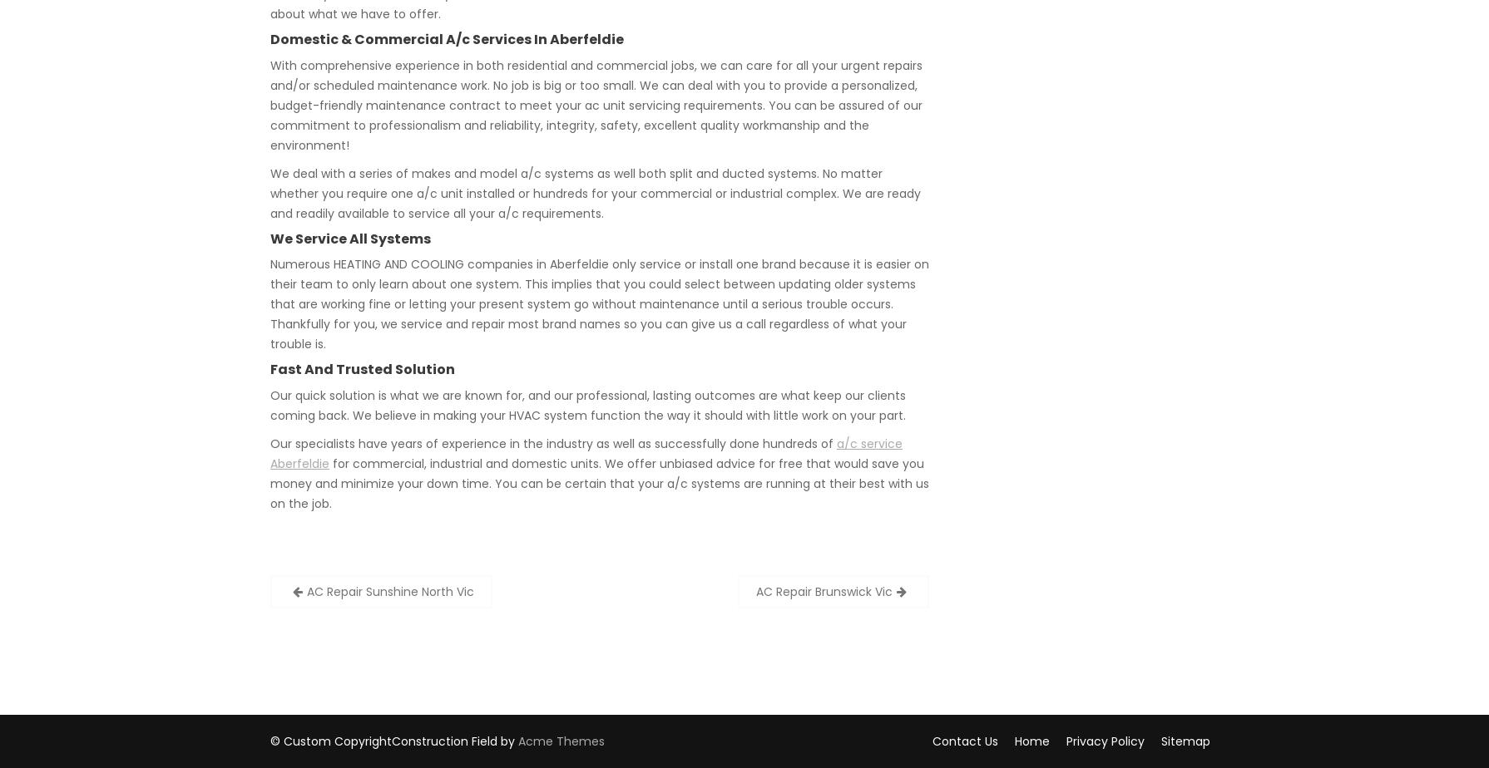 The image size is (1489, 768). I want to click on 'Construction Field by', so click(454, 741).